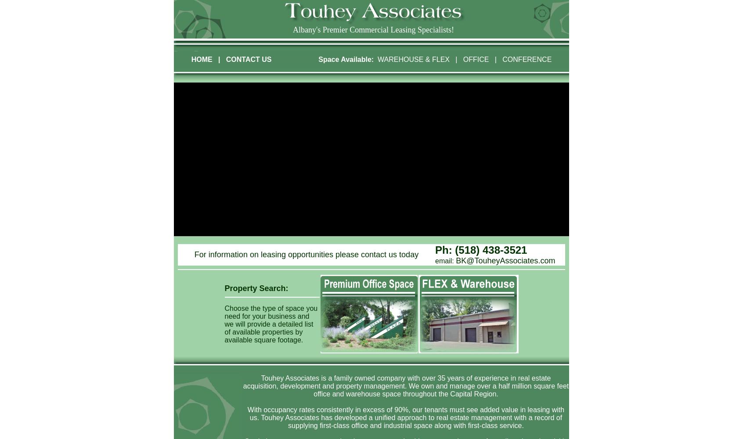  I want to click on '& FLEX', so click(423, 59).